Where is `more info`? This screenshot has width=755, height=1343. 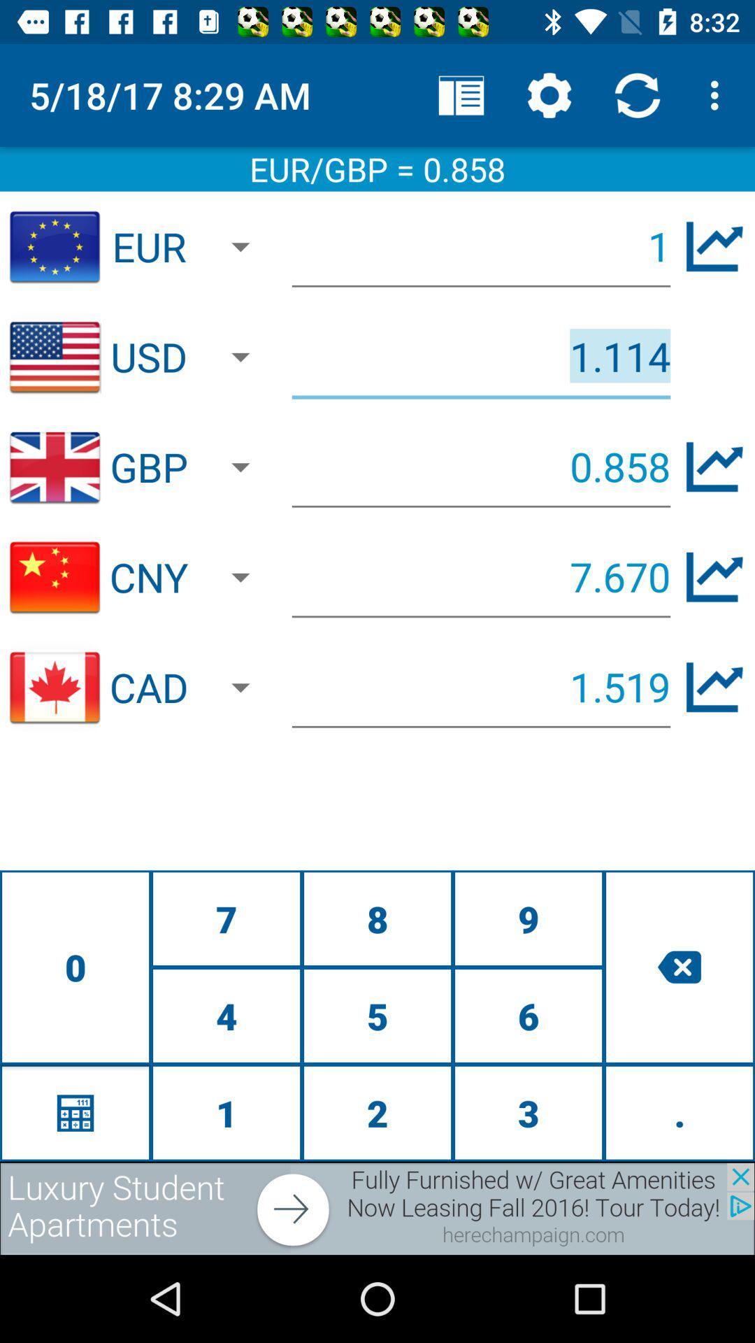
more info is located at coordinates (714, 577).